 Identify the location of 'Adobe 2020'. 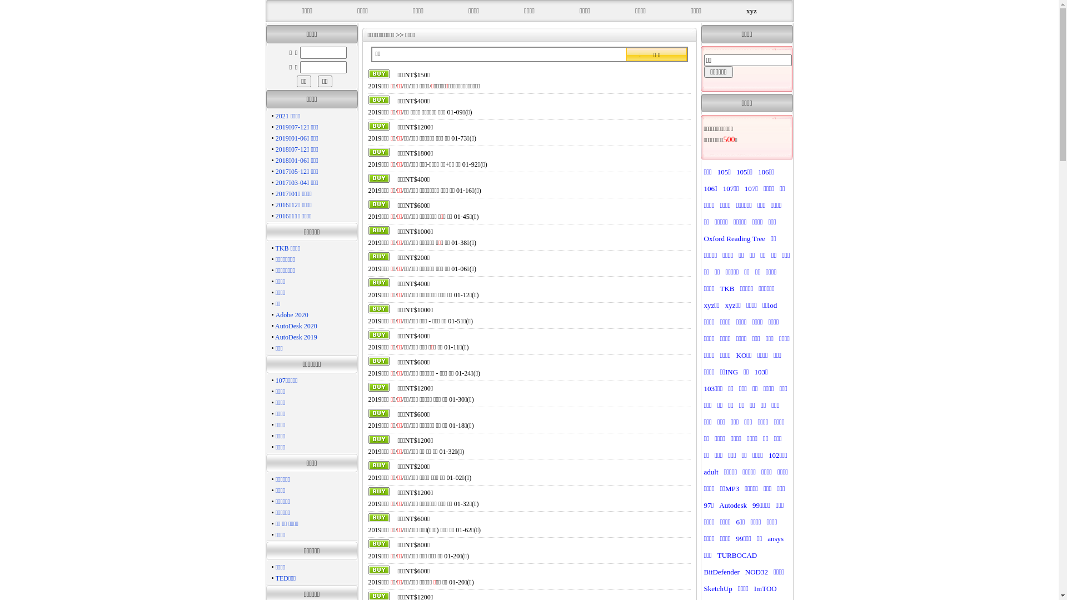
(292, 315).